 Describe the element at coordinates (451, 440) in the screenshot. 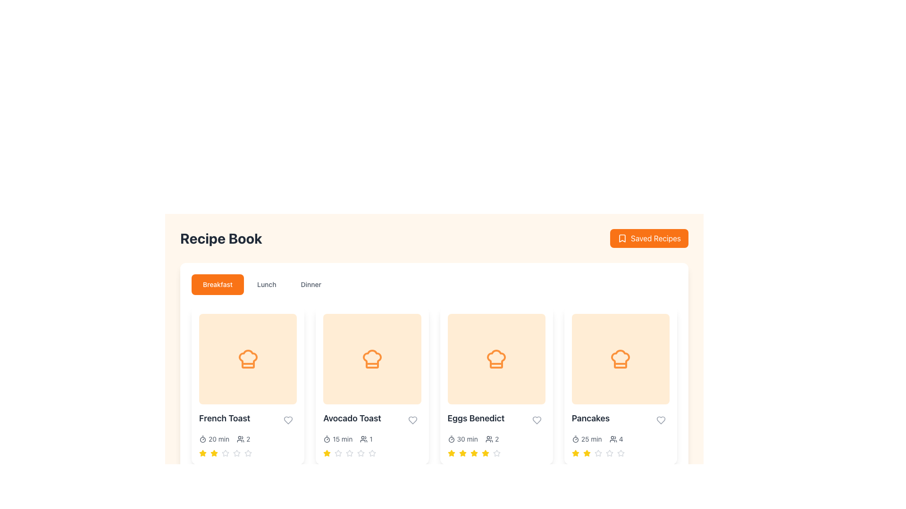

I see `the small circular graphic resembling a clock or timer located within the 'Eggs Benedict' card, next to the serving size and rating information` at that location.